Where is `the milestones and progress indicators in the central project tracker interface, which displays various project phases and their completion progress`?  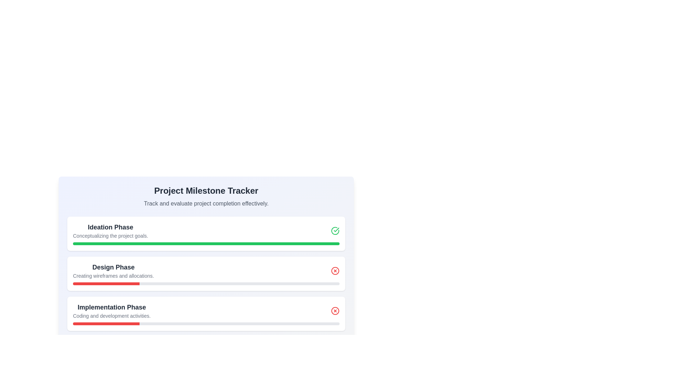
the milestones and progress indicators in the central project tracker interface, which displays various project phases and their completion progress is located at coordinates (206, 251).